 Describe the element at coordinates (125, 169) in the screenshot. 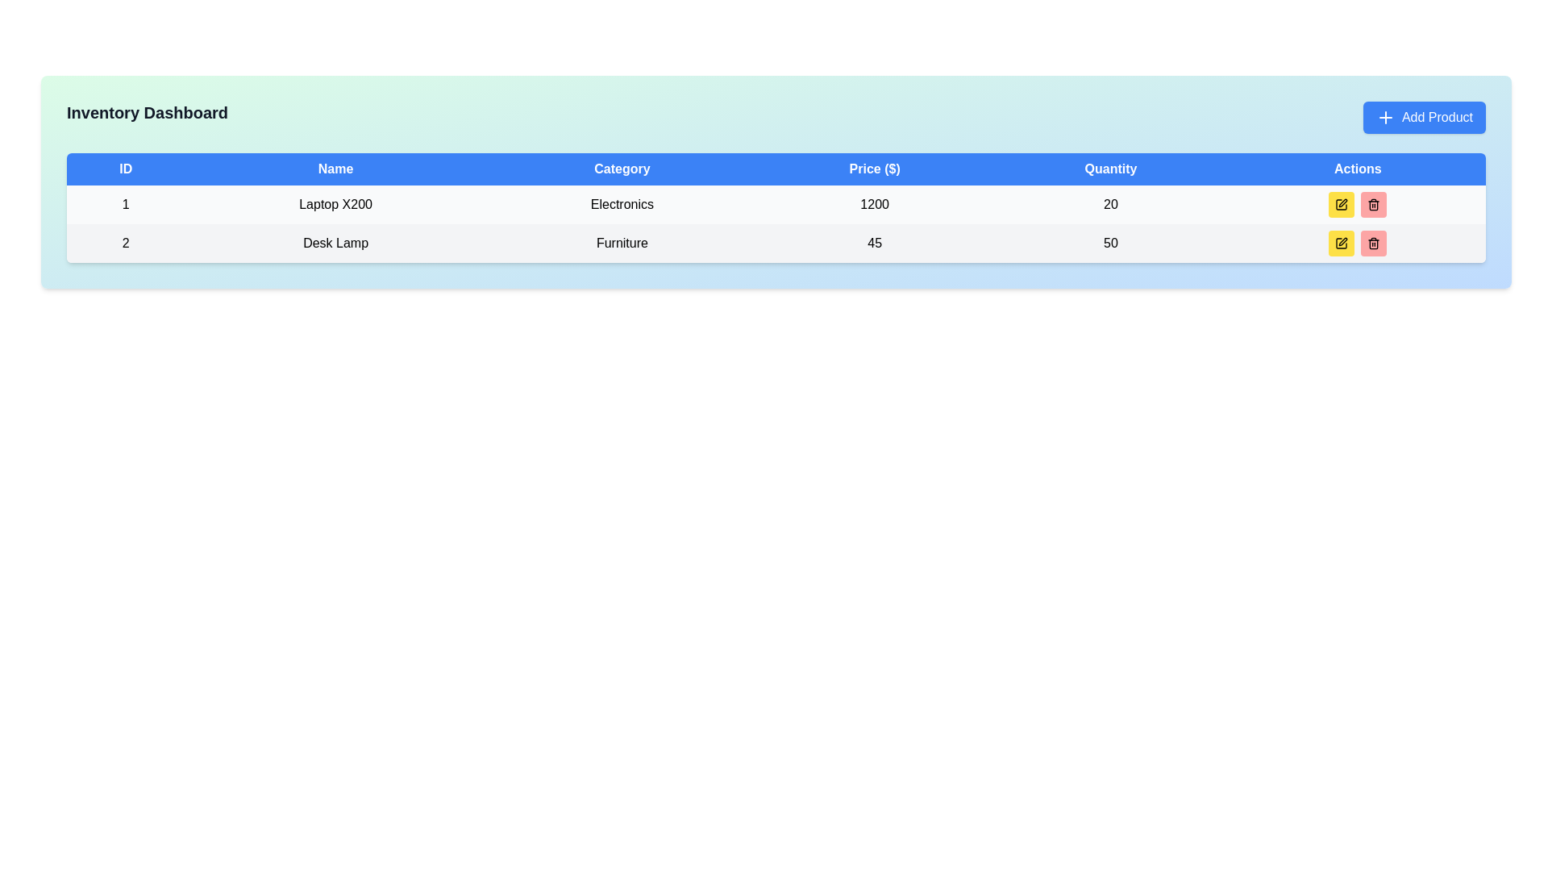

I see `the Table Header element which indicates the content of the ID column in the table, located at the leftmost side of the horizontal row of headers` at that location.